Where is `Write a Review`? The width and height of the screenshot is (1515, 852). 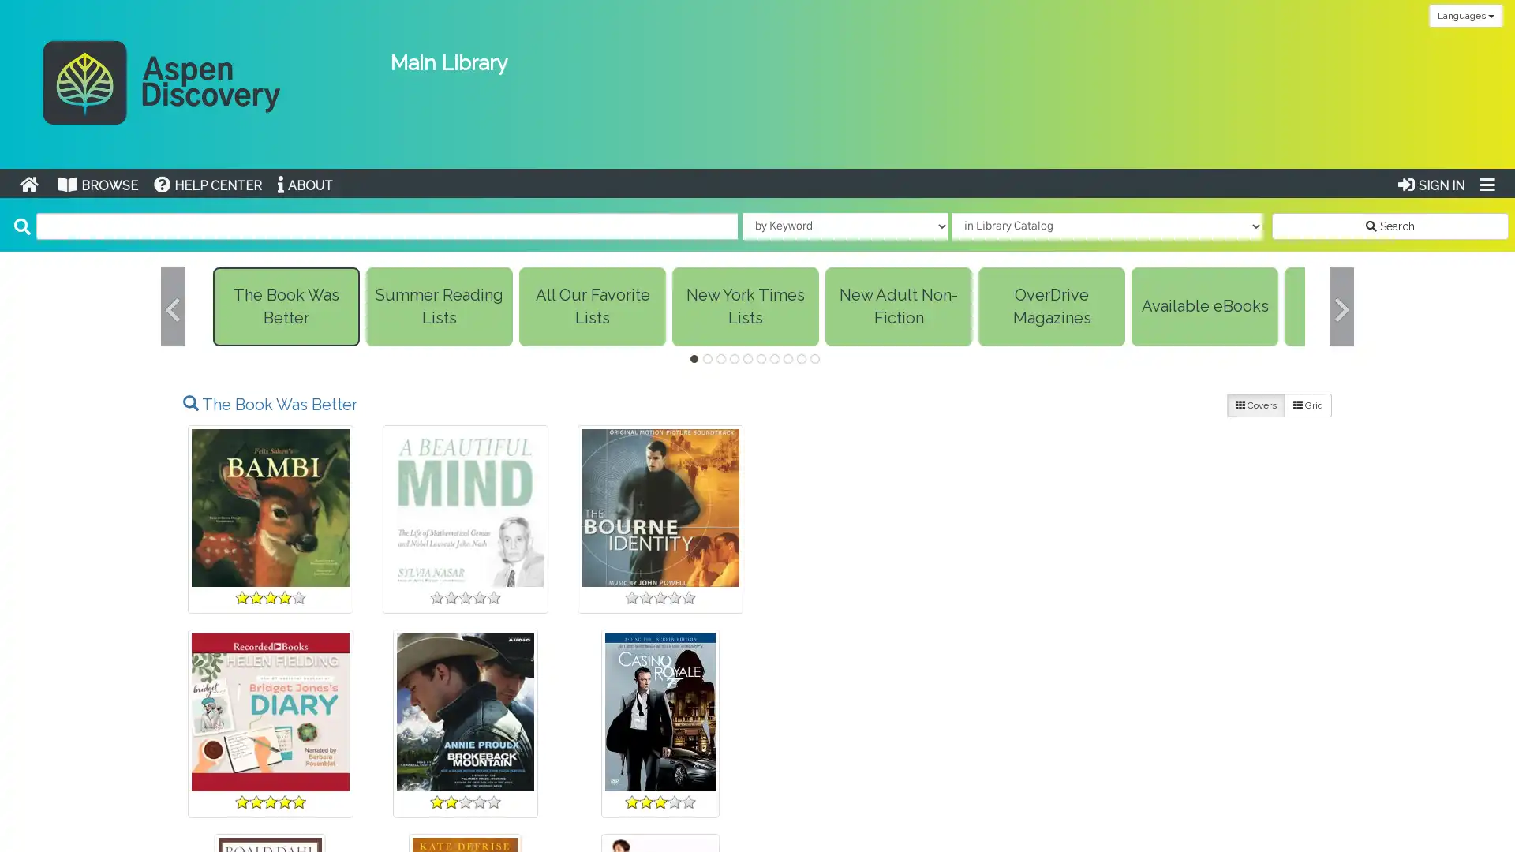 Write a Review is located at coordinates (464, 803).